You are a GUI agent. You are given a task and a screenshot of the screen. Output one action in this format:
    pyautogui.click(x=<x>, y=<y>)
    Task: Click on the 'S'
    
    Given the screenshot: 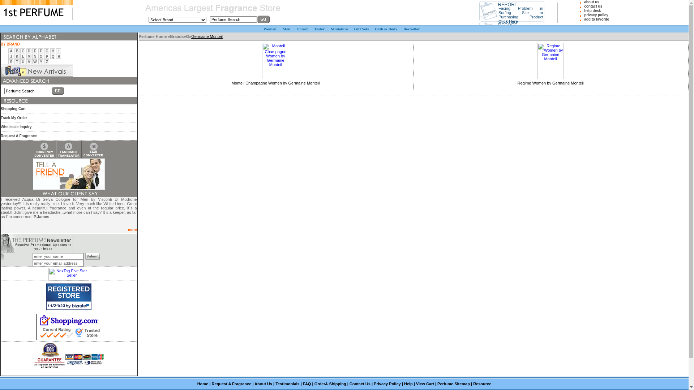 What is the action you would take?
    pyautogui.click(x=11, y=61)
    